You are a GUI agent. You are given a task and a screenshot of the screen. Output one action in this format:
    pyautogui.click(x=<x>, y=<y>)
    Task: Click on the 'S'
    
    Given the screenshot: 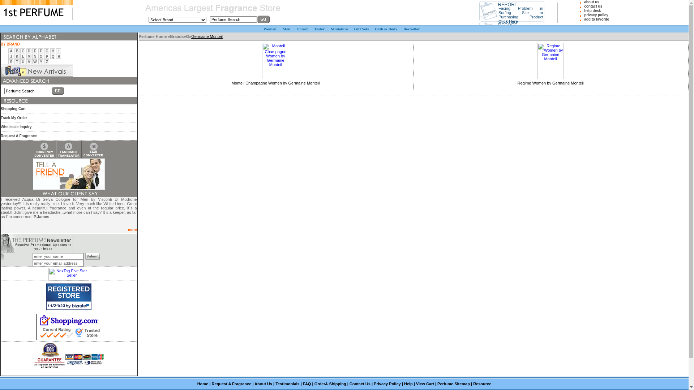 What is the action you would take?
    pyautogui.click(x=11, y=61)
    